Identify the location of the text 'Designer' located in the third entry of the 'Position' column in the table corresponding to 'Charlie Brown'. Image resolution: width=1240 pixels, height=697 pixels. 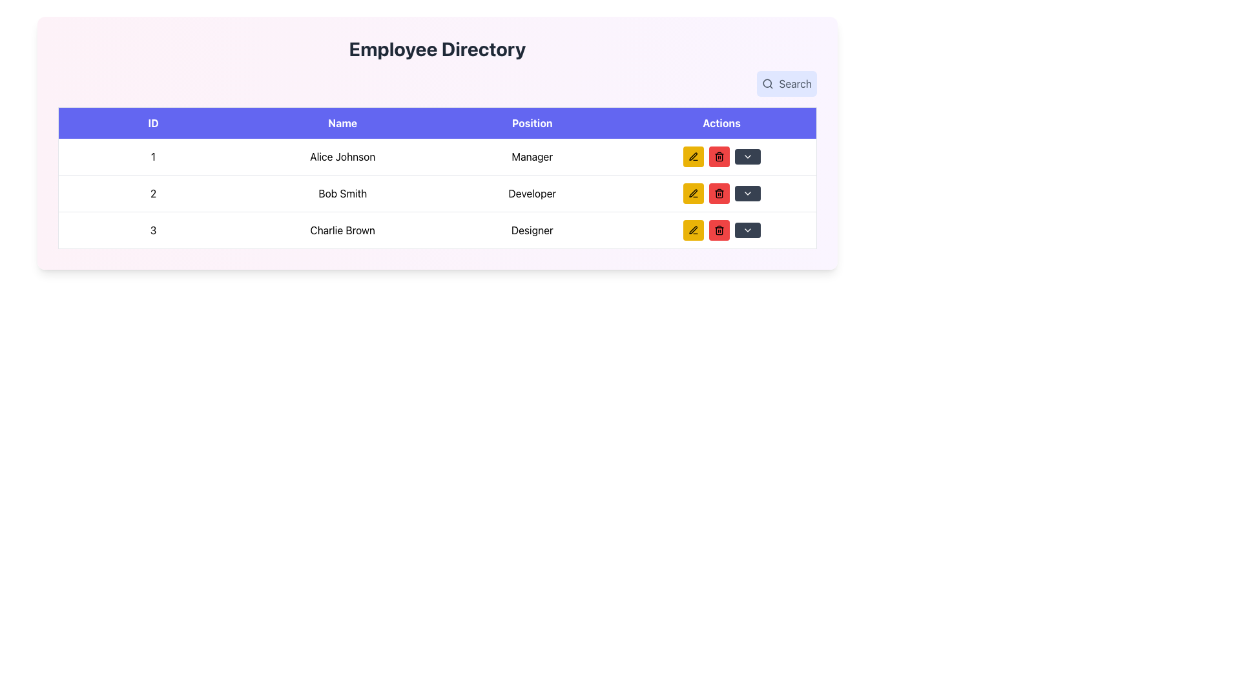
(532, 230).